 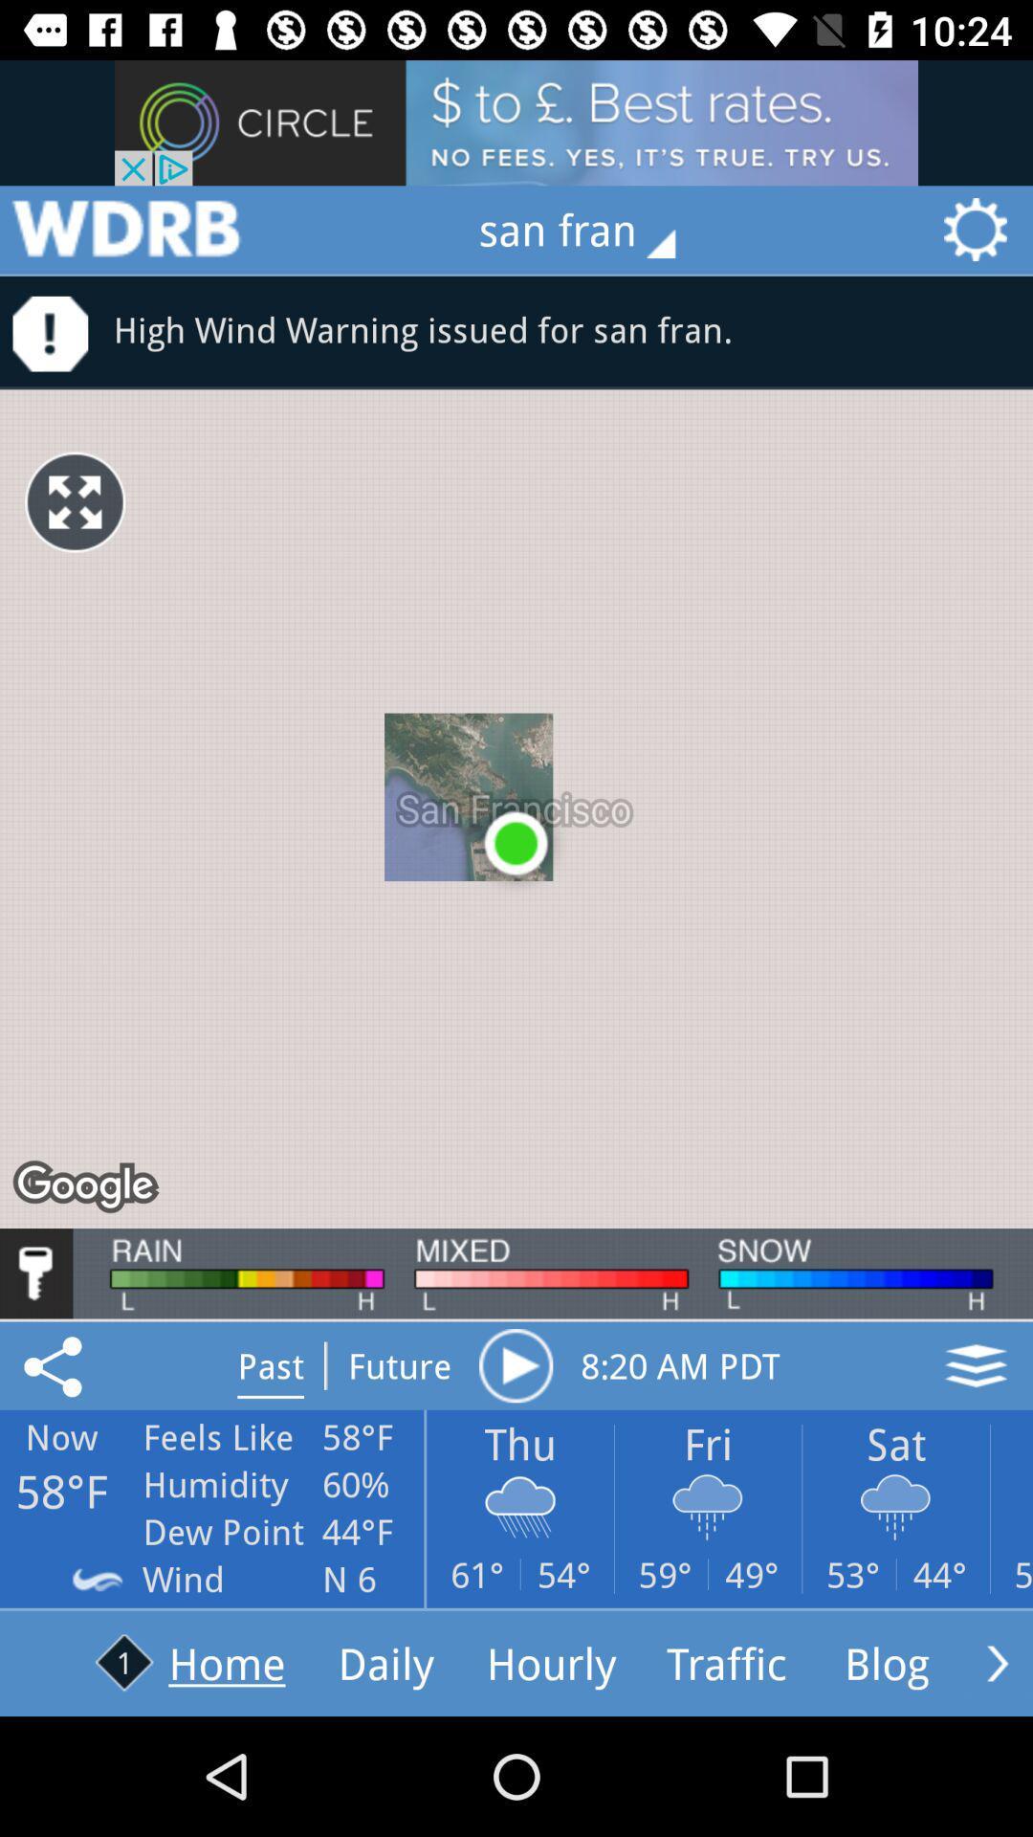 I want to click on advertisements, so click(x=516, y=122).